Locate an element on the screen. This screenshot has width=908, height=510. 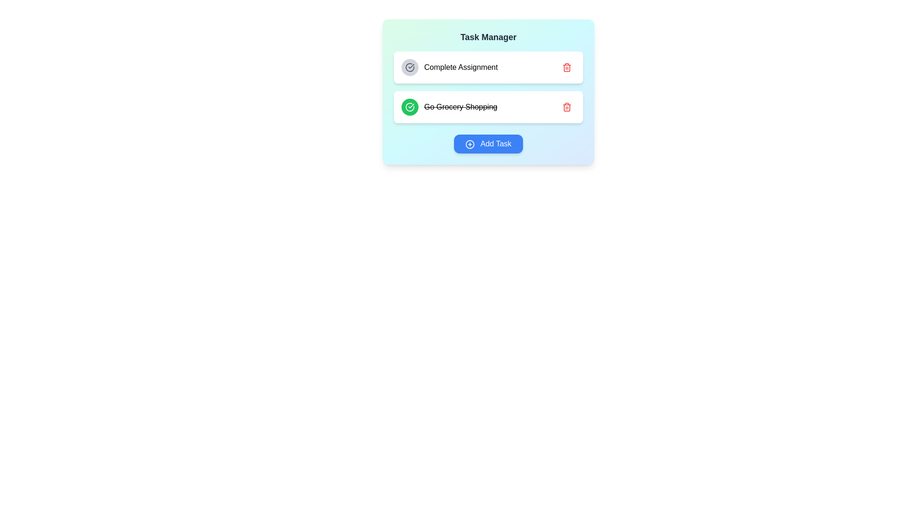
the 'Add Task' button icon that visually represents the action of adding a new task, located at the bottom-center of the interface is located at coordinates (470, 144).